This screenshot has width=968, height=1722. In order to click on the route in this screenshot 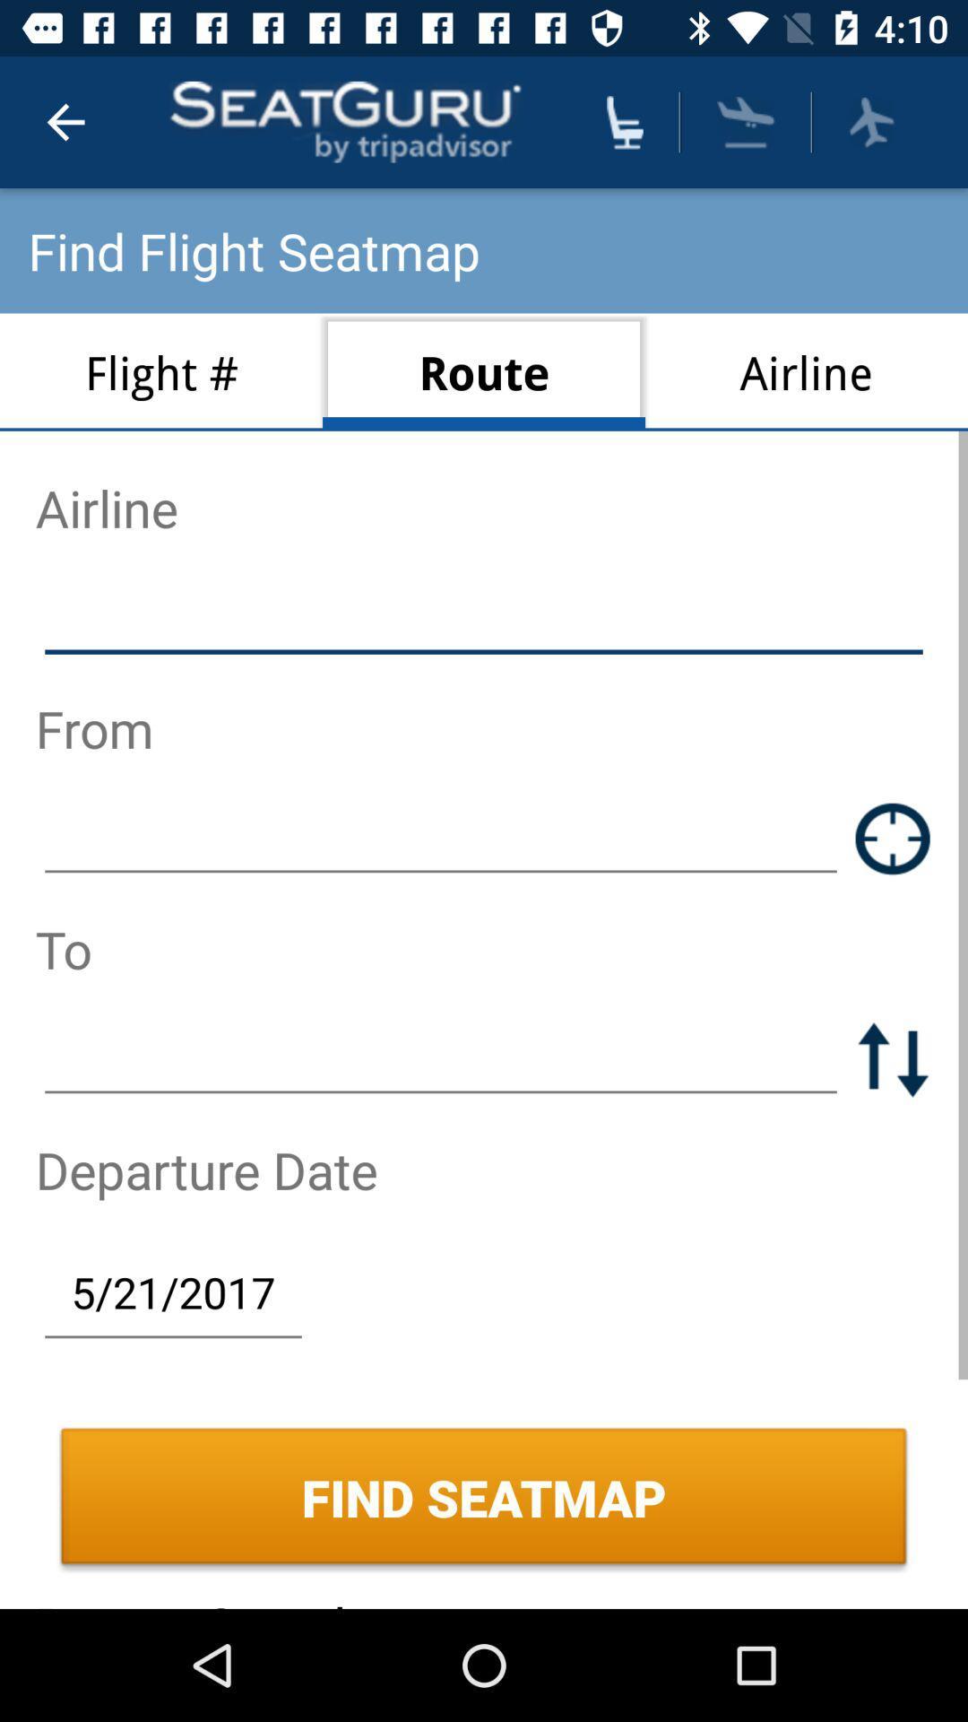, I will do `click(484, 371)`.